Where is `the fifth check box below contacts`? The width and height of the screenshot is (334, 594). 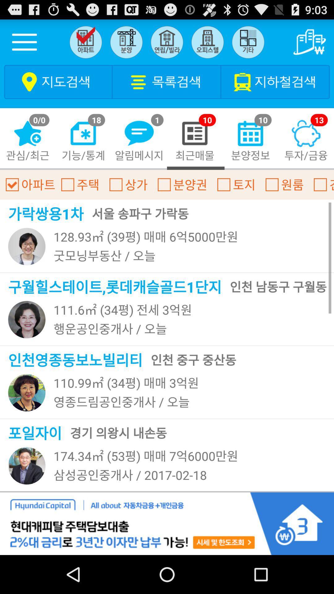
the fifth check box below contacts is located at coordinates (224, 184).